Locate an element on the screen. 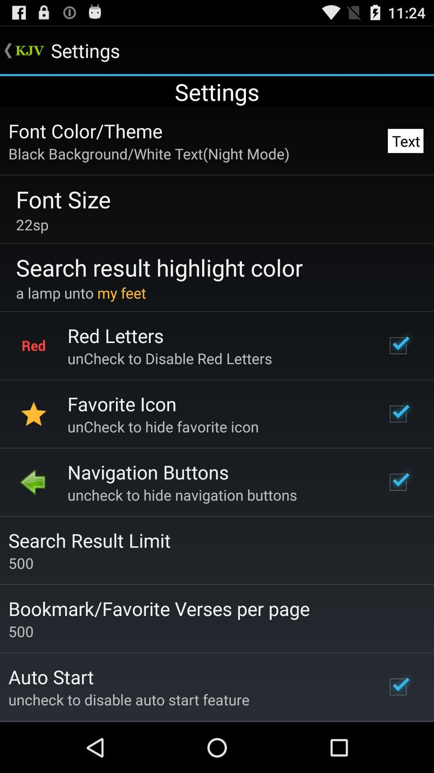 The width and height of the screenshot is (434, 773). black background white is located at coordinates (149, 153).